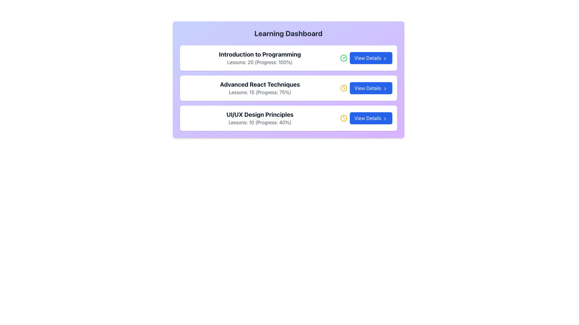  Describe the element at coordinates (343, 88) in the screenshot. I see `the progress indicator icon for the 'Advanced React Techniques' course on the learning dashboard, which signifies partial completion of the course` at that location.